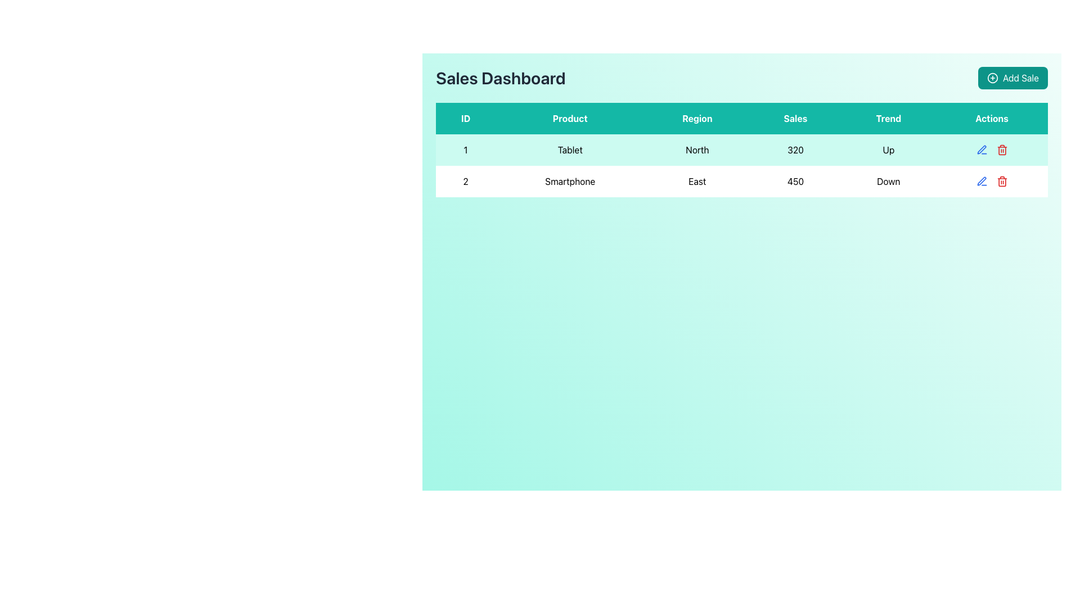 The image size is (1080, 607). I want to click on the 'Product' column header in the data table, which is the second column header located between 'ID' and 'Region', so click(570, 119).